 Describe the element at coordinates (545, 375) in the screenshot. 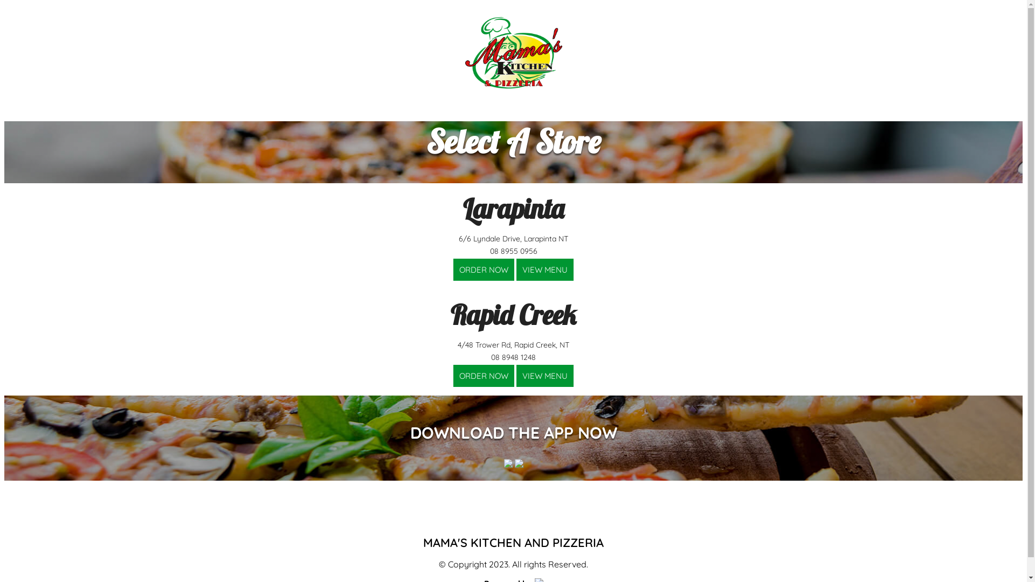

I see `'VIEW MENU'` at that location.